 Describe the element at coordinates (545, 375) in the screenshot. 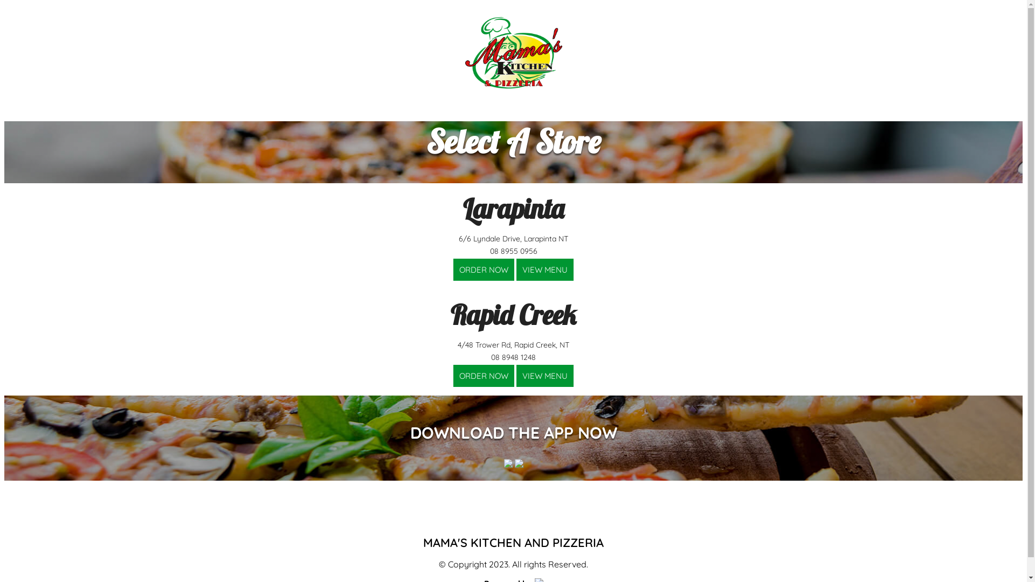

I see `'VIEW MENU'` at that location.